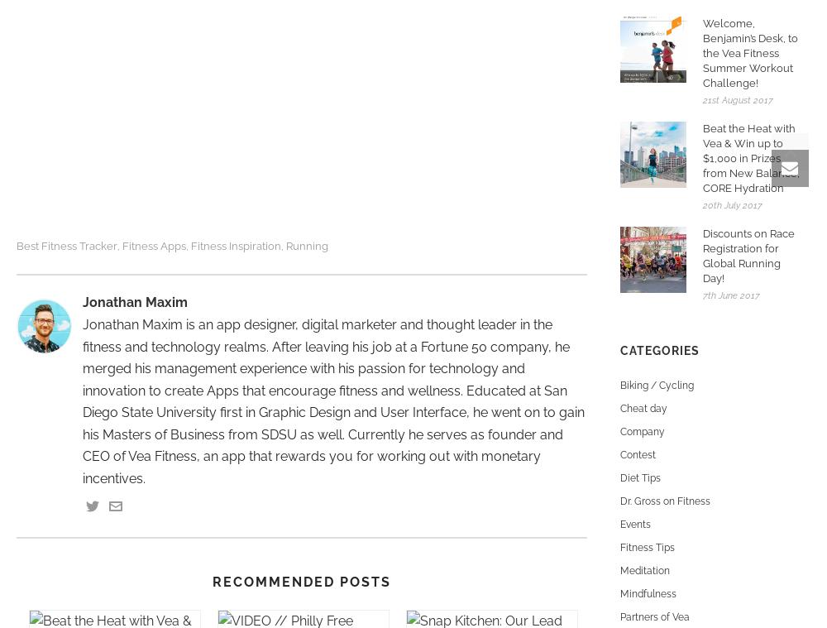  Describe the element at coordinates (731, 294) in the screenshot. I see `'7th June 2017'` at that location.